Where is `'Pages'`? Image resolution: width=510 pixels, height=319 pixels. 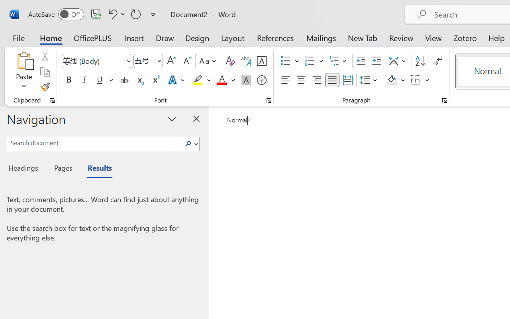 'Pages' is located at coordinates (62, 169).